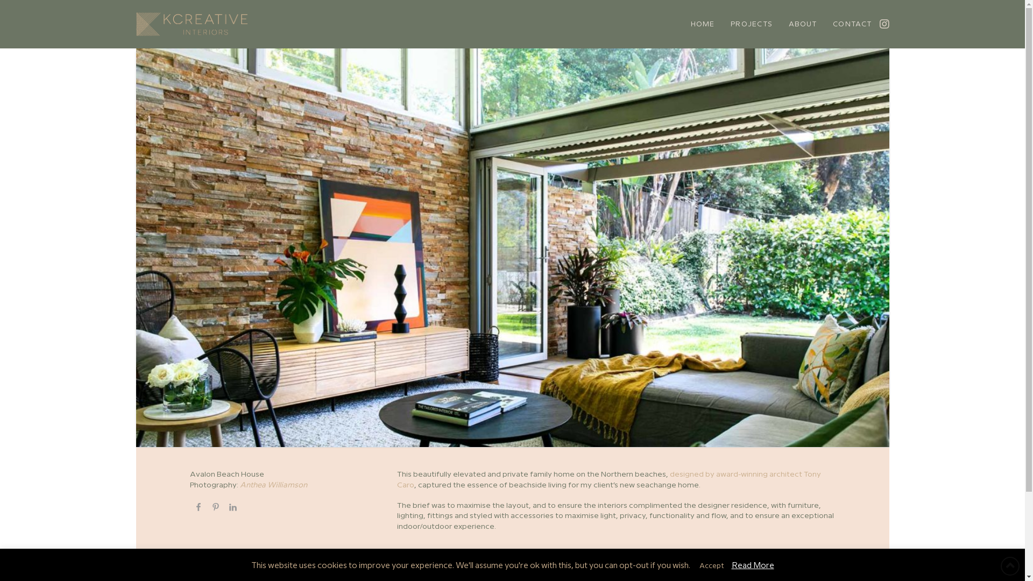 The image size is (1033, 581). Describe the element at coordinates (711, 565) in the screenshot. I see `'Accept'` at that location.